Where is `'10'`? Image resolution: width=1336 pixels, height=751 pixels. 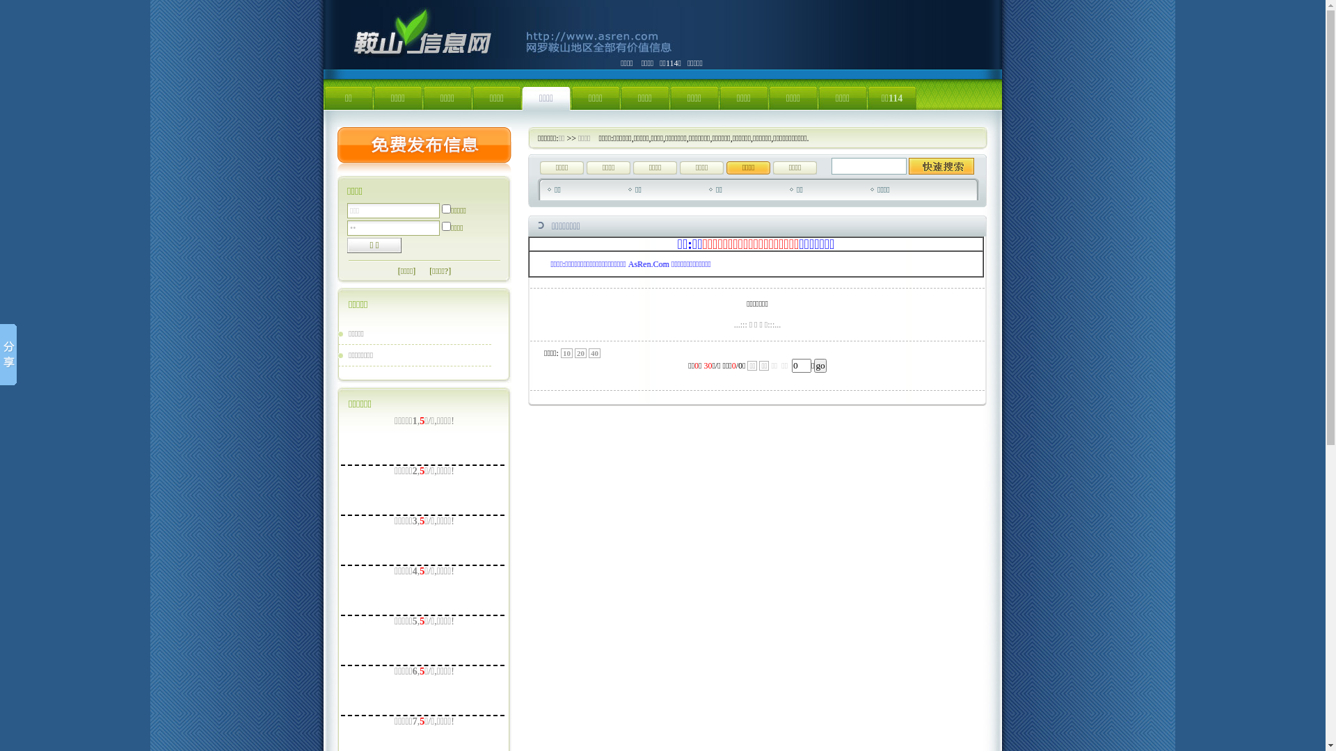
'10' is located at coordinates (566, 353).